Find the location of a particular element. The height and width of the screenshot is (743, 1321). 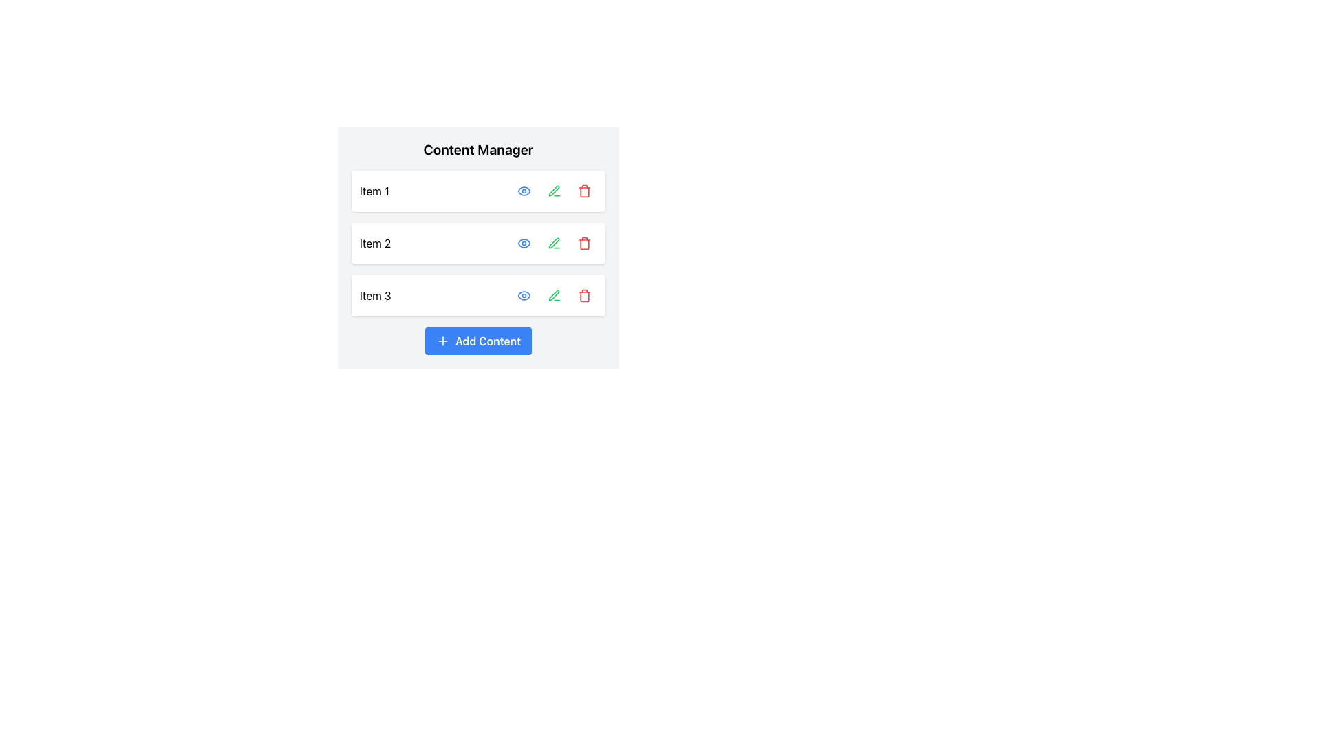

the eye-shaped icon with a blue outline located in the last item box labeled 'Item 3' is located at coordinates (524, 294).